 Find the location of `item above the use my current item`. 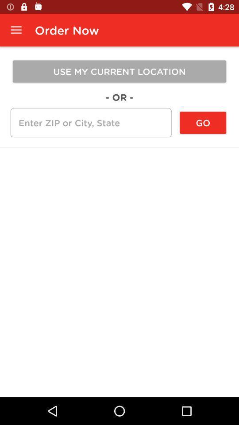

item above the use my current item is located at coordinates (16, 30).